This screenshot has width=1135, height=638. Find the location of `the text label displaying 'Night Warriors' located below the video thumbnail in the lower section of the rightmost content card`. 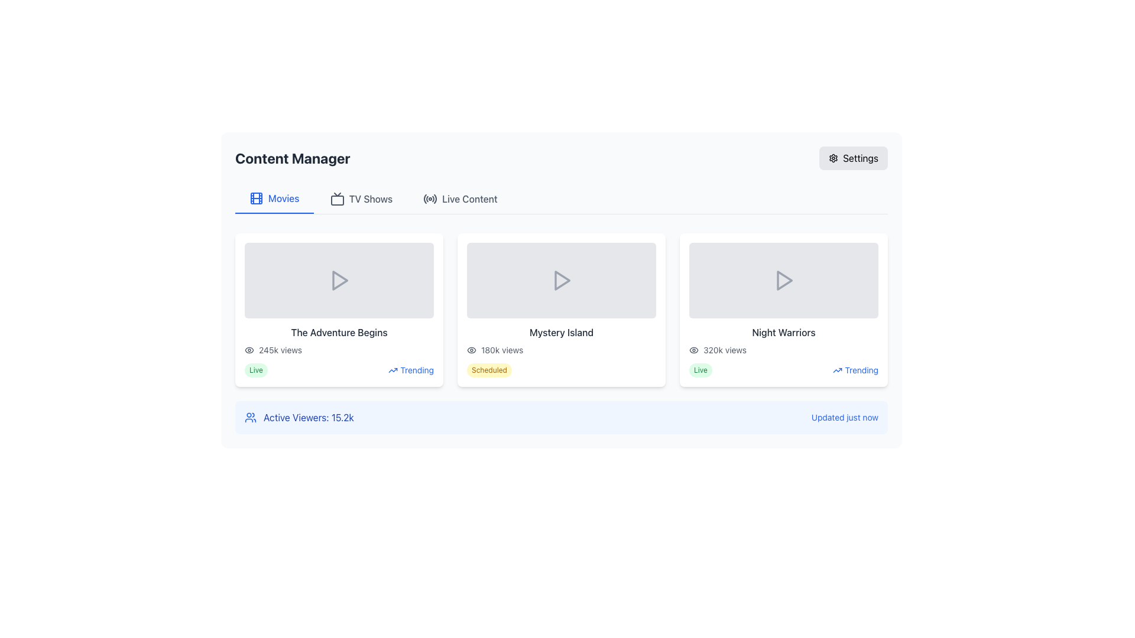

the text label displaying 'Night Warriors' located below the video thumbnail in the lower section of the rightmost content card is located at coordinates (783, 333).